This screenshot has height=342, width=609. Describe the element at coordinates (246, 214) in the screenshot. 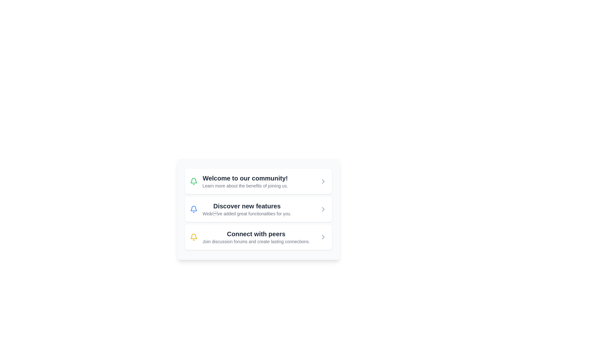

I see `the Text Label that provides contextual information about the options related to the main heading 'Discover new features', located in the middle section of the card below the heading` at that location.